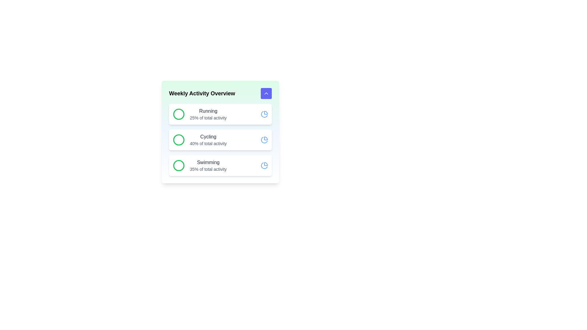  I want to click on the circular icon indicating the status of the 'Running' activity, located in the first row of the 'Weekly Activity Overview' section, to the left of the 'Running' text, so click(179, 114).